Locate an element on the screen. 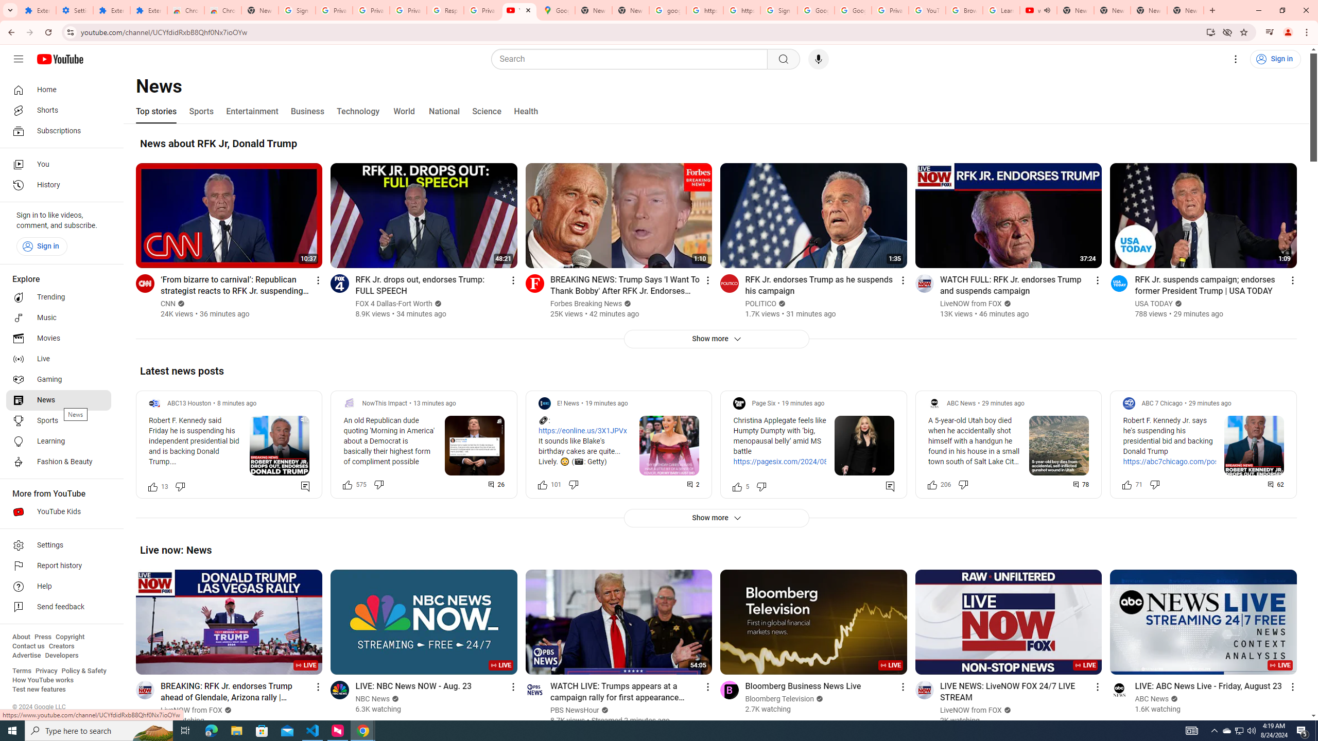  'About' is located at coordinates (21, 637).